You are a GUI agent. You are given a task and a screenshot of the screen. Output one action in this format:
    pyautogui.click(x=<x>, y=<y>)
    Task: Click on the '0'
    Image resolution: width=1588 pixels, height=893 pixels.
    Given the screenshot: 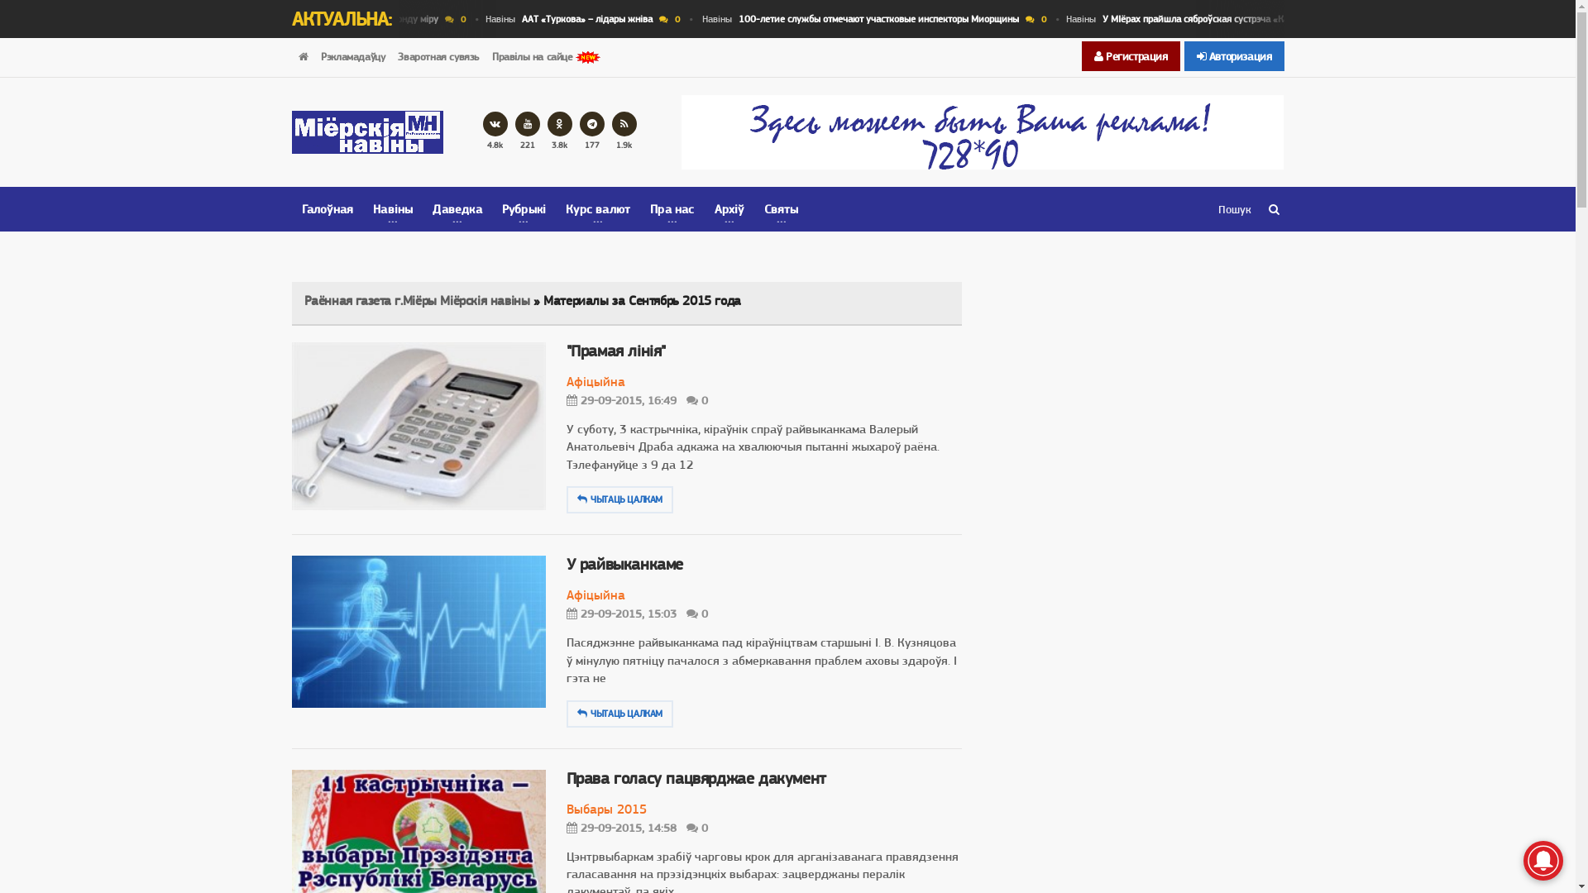 What is the action you would take?
    pyautogui.click(x=623, y=19)
    